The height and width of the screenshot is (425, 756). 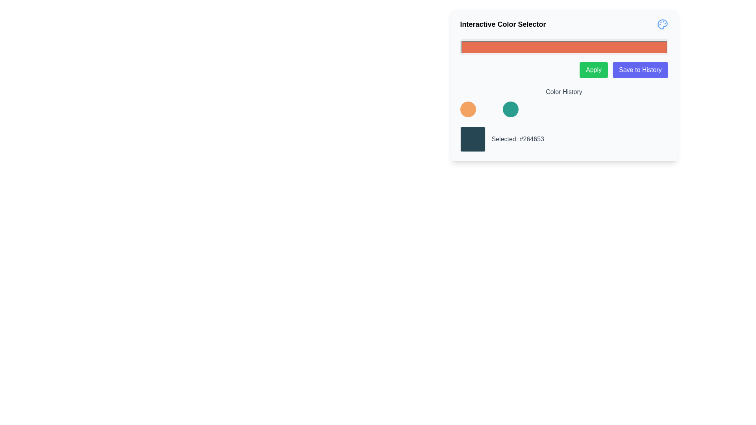 What do you see at coordinates (640, 69) in the screenshot?
I see `the 'Save' button located in the top-right corner of the interface` at bounding box center [640, 69].